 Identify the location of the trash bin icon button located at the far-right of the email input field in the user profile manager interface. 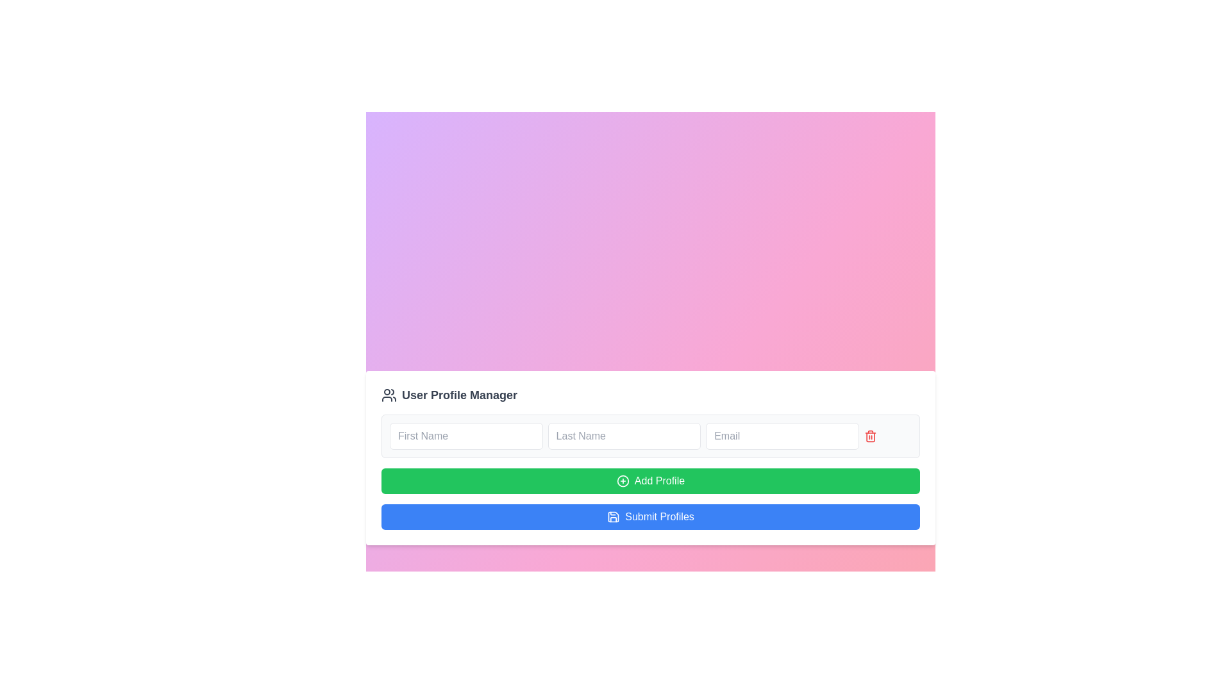
(870, 436).